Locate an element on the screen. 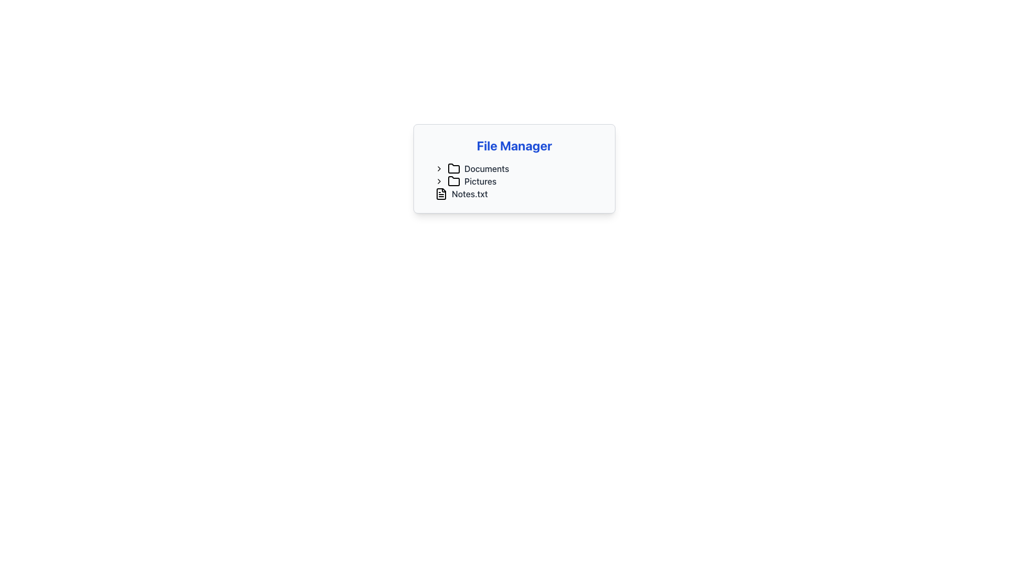 The height and width of the screenshot is (568, 1010). the interaction button located in the top-right section of the 'Documents' folder entry in the 'File Manager' interface is located at coordinates (517, 168).